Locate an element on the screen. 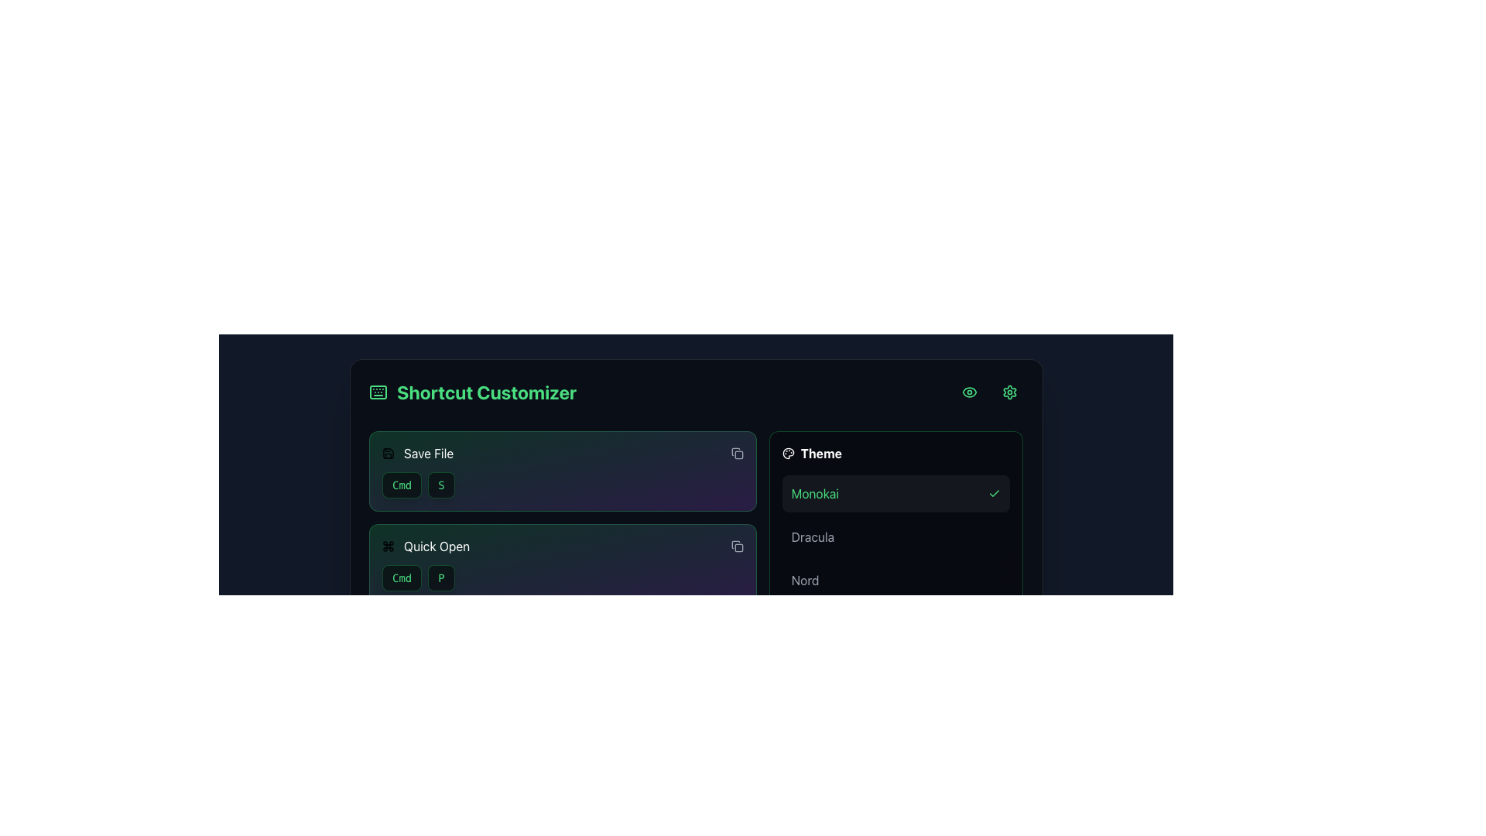 Image resolution: width=1486 pixels, height=836 pixels. the 'Quick Open' text label, which is written in white color on a dark background, located below the 'Save File' option in the shortcut customizer interface is located at coordinates (436, 545).